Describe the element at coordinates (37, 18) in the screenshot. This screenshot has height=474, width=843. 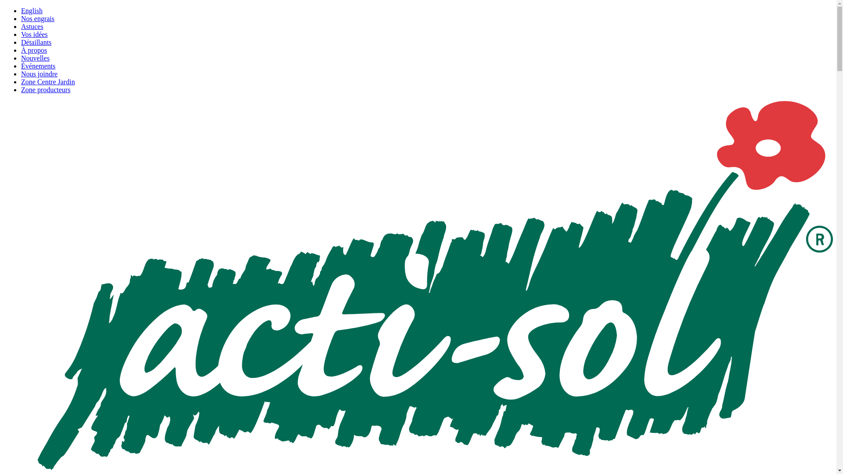
I see `'Nos engrais'` at that location.